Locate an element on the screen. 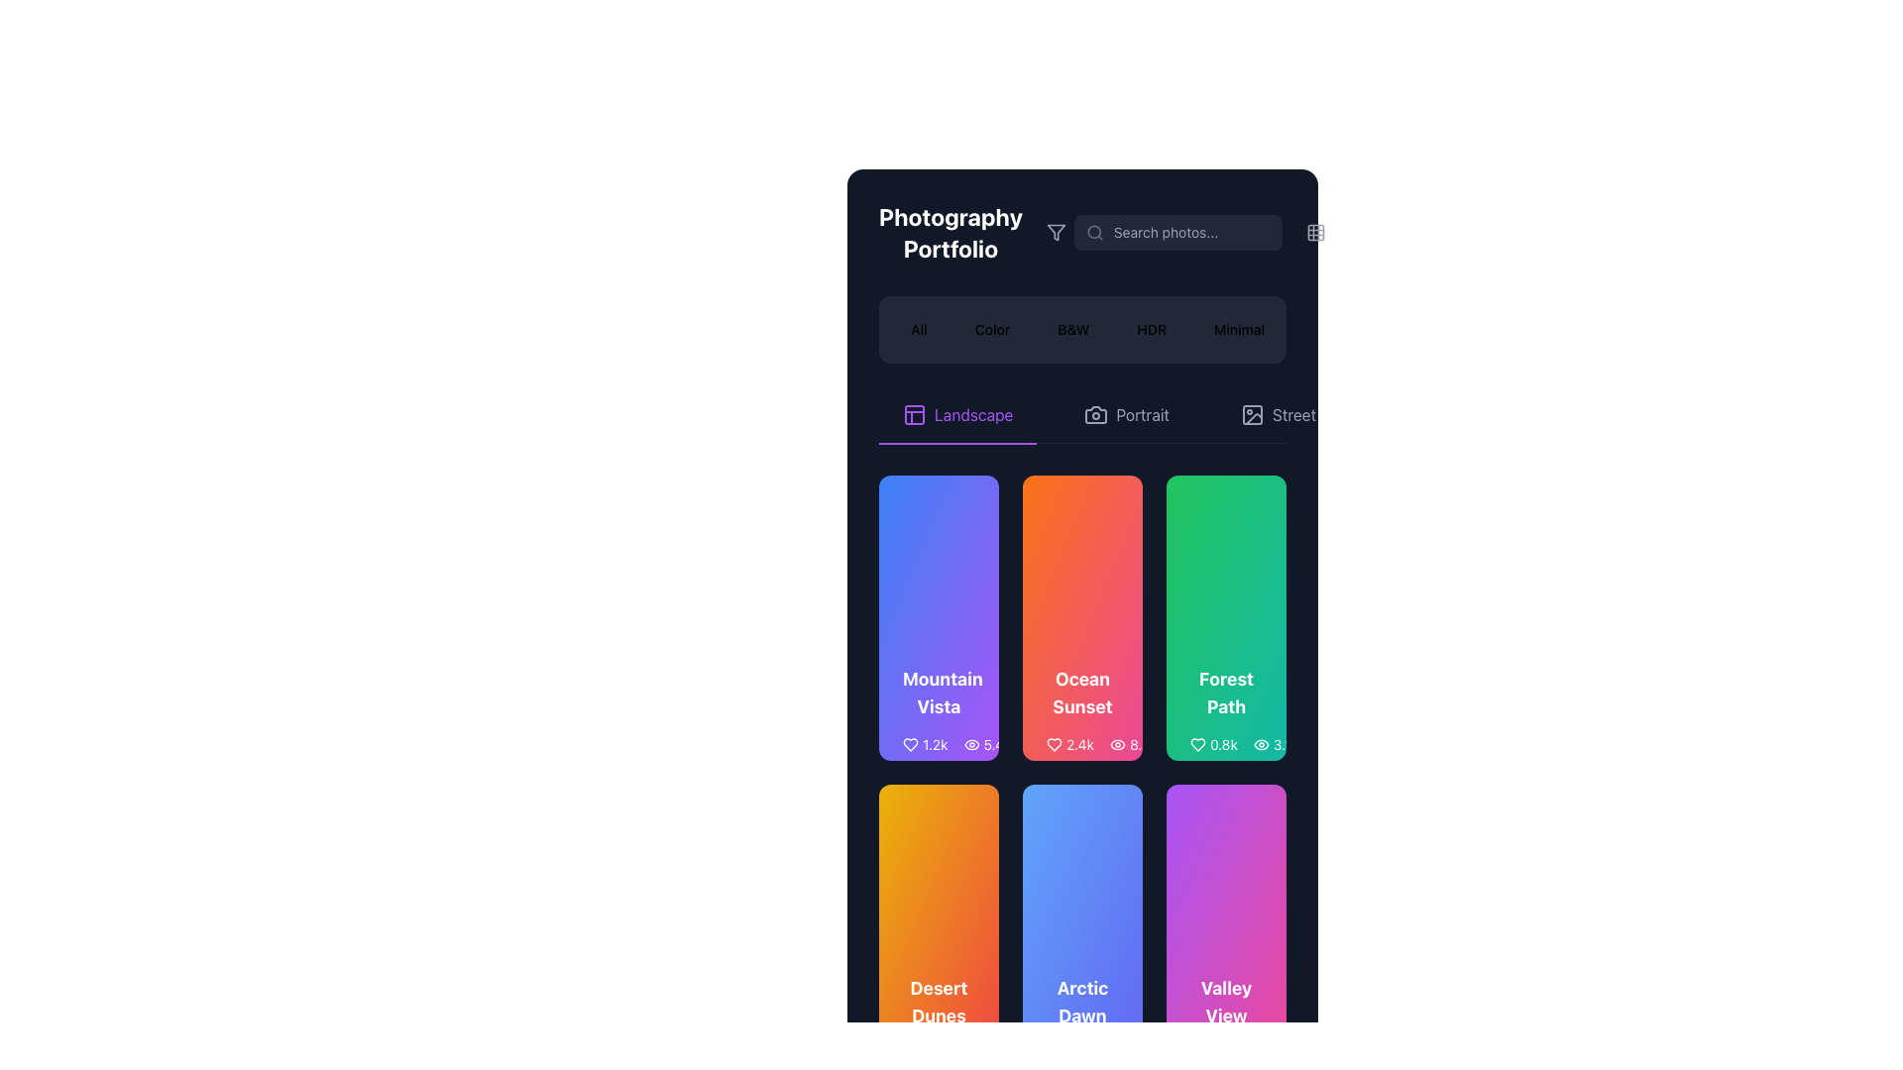 The width and height of the screenshot is (1903, 1070). the text label titled 'Ocean Sunset' which serves as the title of the card in the Landscape category for navigation is located at coordinates (1081, 692).